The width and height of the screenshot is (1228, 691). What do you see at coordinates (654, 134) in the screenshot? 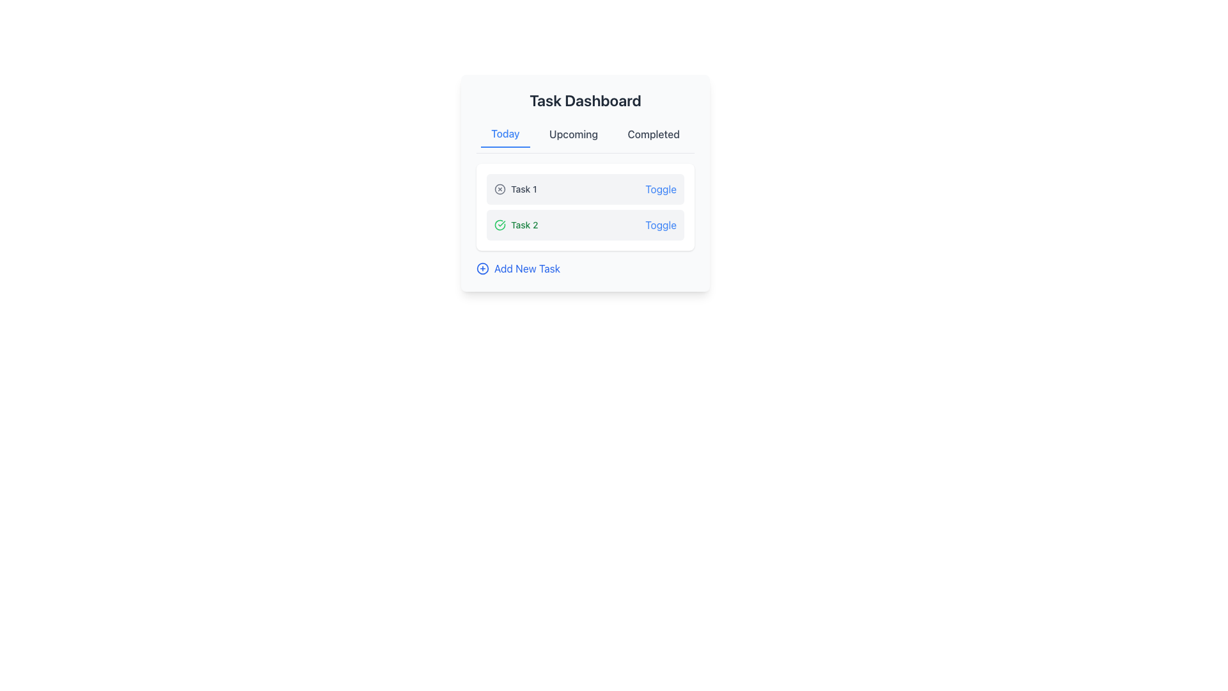
I see `the 'Completed' button in the navigation menu of the 'Task Dashboard' interface` at bounding box center [654, 134].